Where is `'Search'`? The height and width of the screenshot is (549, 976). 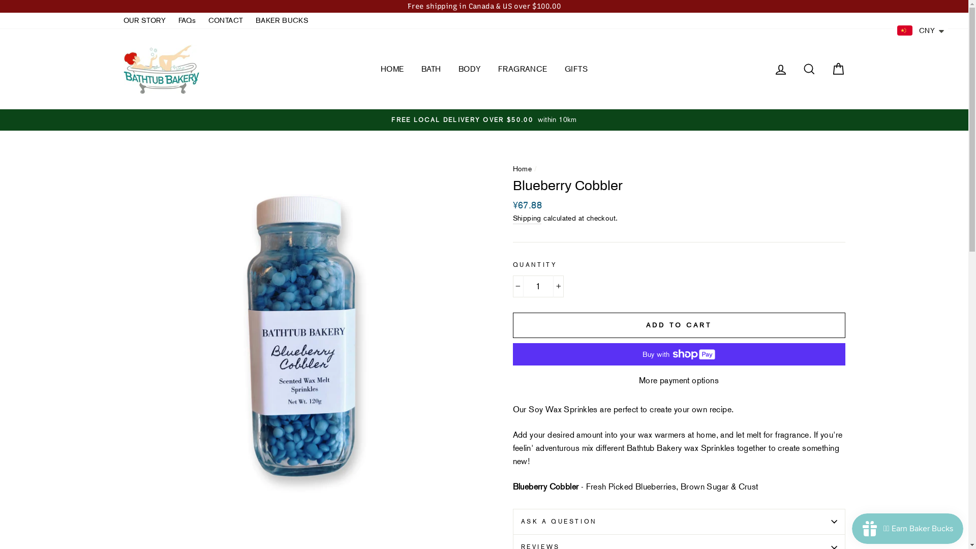 'Search' is located at coordinates (795, 69).